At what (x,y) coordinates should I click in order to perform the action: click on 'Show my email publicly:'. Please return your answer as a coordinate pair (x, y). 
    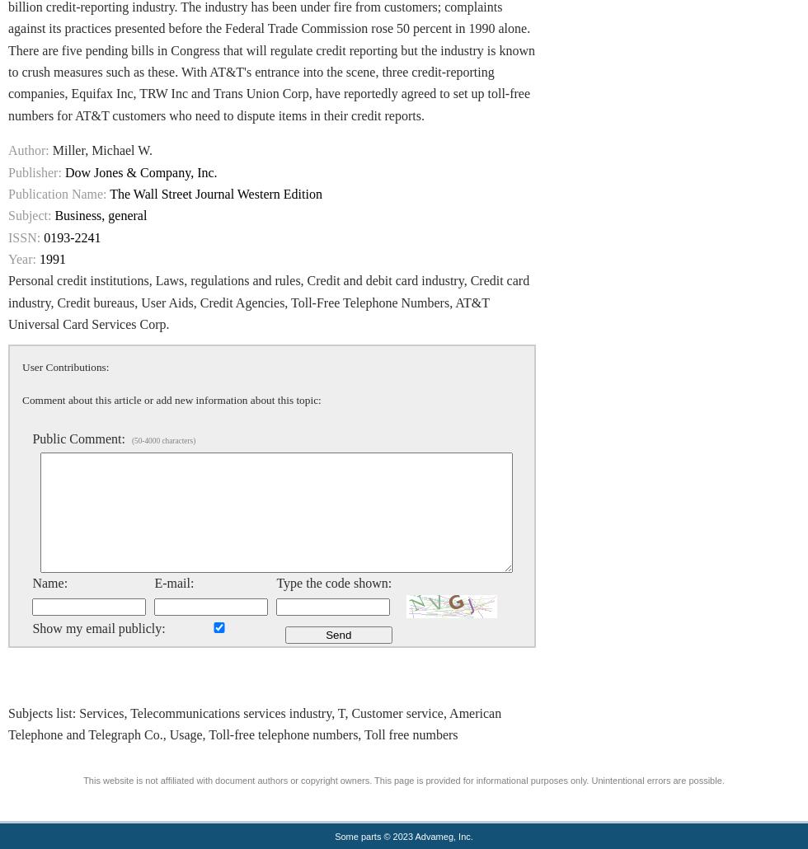
    Looking at the image, I should click on (98, 627).